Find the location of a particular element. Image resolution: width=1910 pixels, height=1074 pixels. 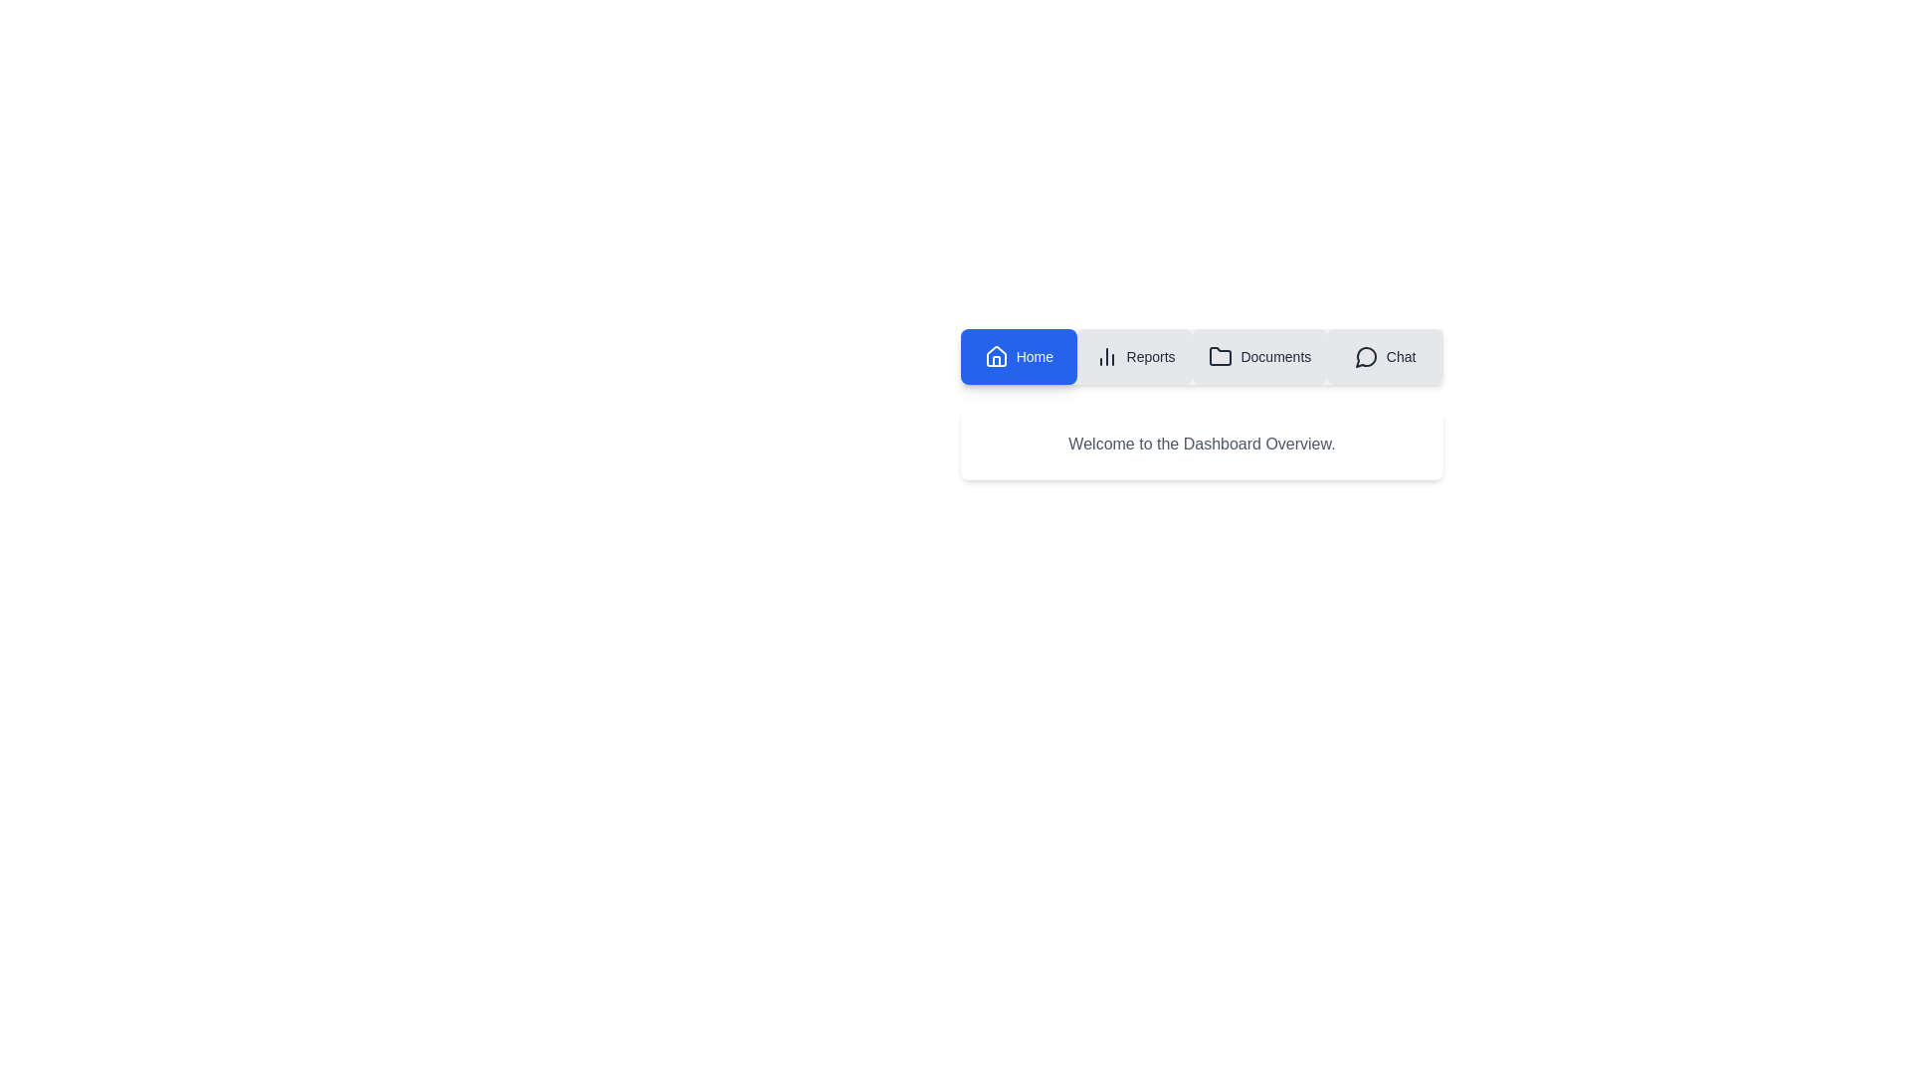

the tab labeled Documents to observe its visual feedback is located at coordinates (1258, 355).